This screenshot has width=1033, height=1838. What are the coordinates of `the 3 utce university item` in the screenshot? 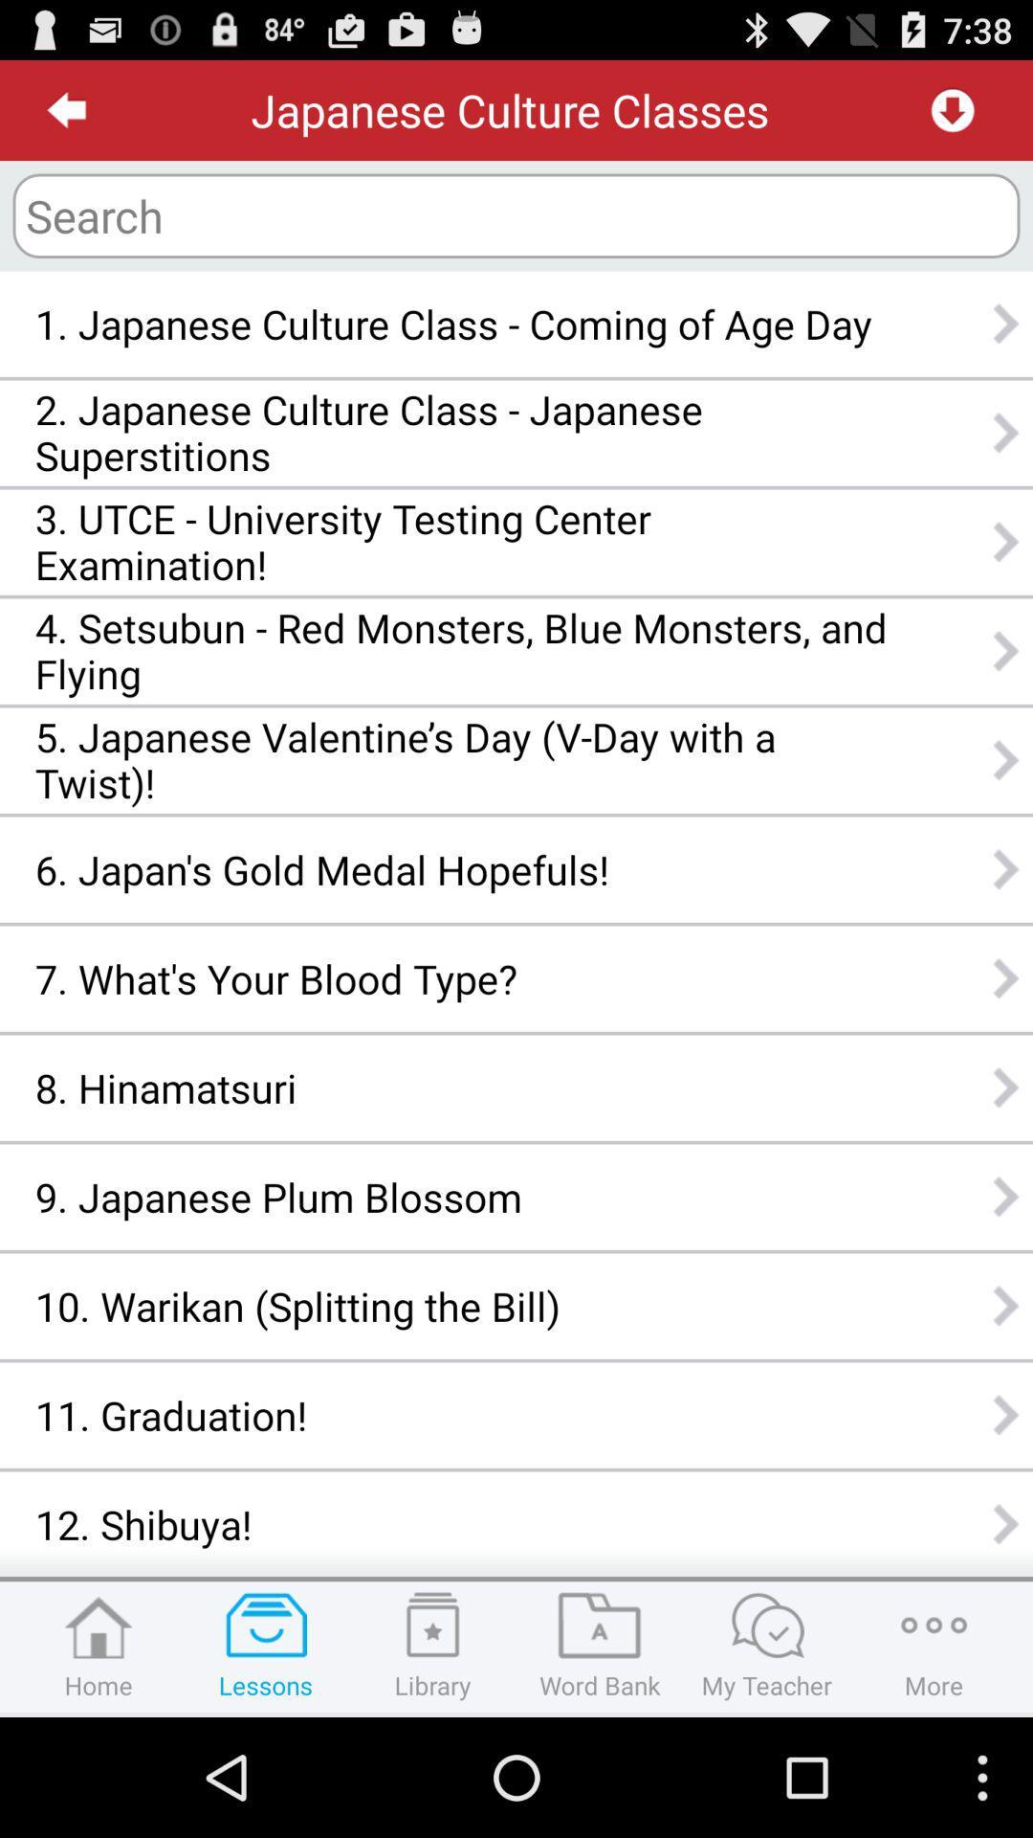 It's located at (461, 541).